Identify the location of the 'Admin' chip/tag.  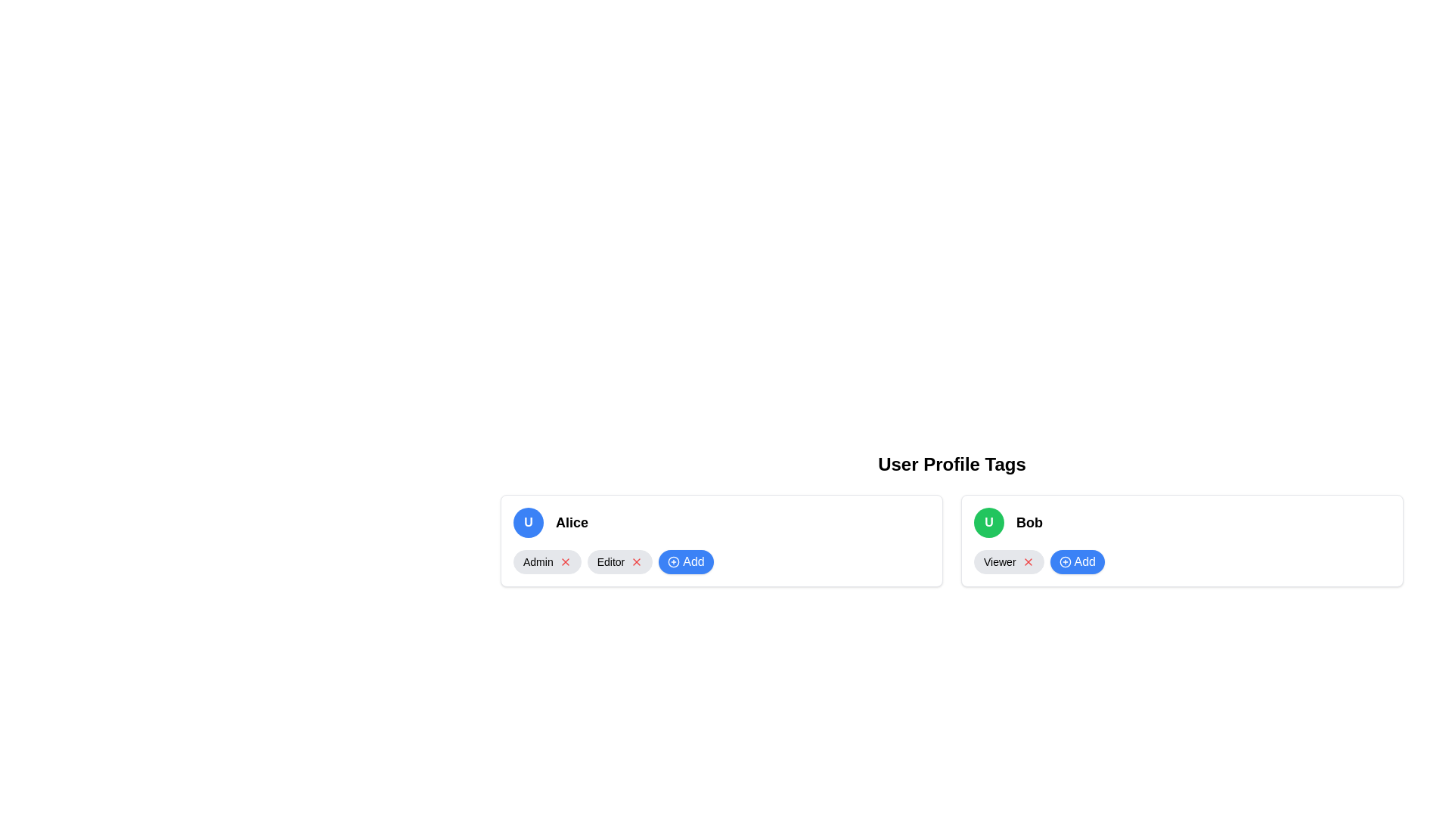
(546, 562).